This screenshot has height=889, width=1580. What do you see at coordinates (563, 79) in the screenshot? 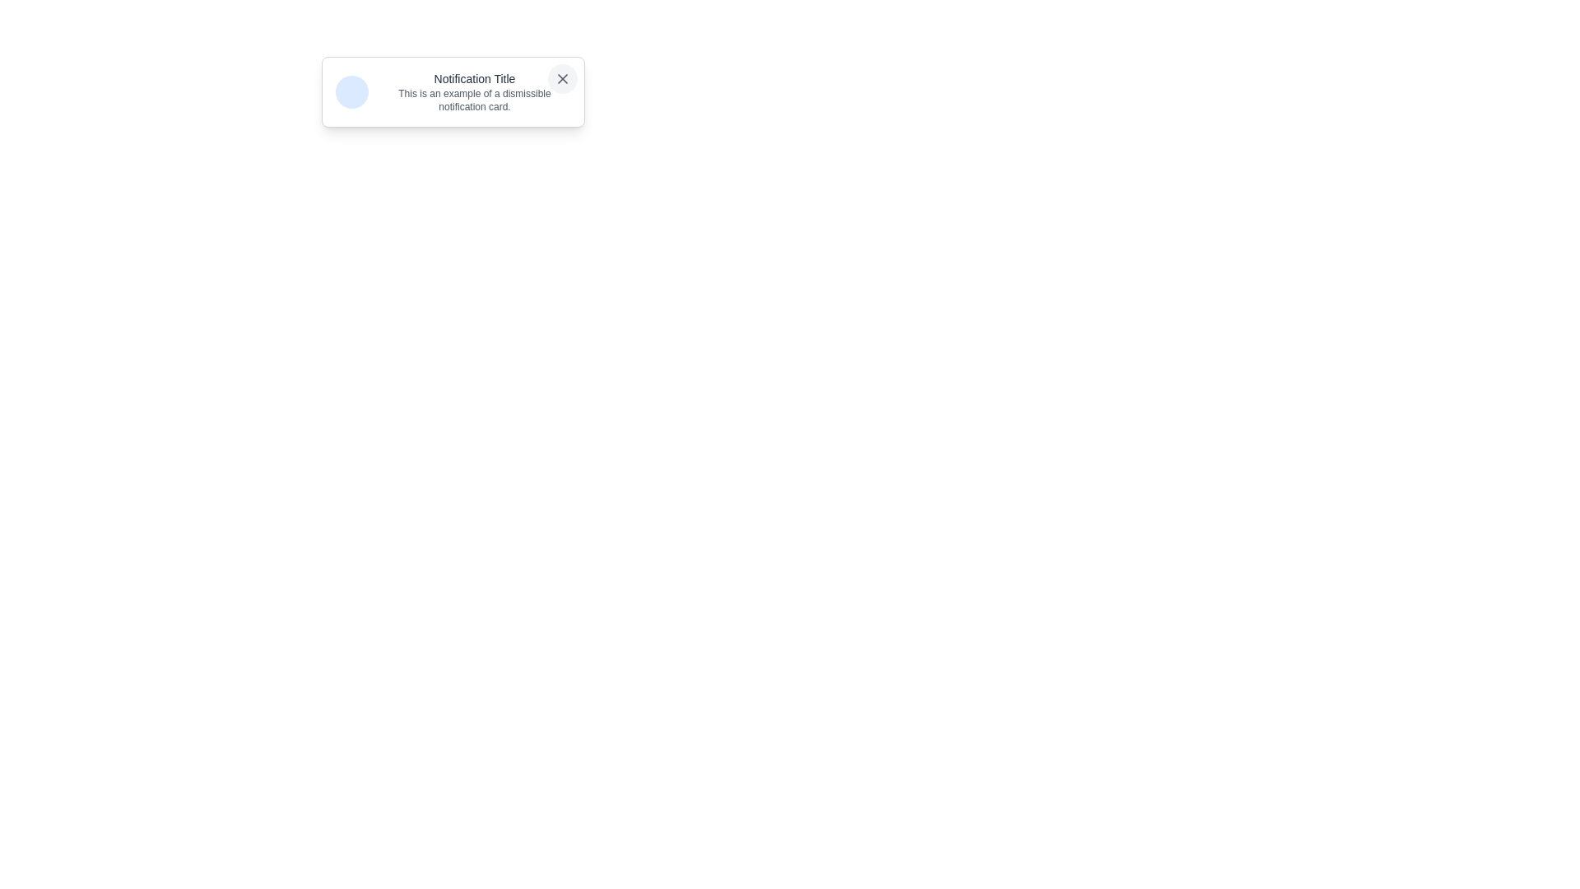
I see `the circular close button with a light gray background and an 'X' icon located at the top right corner of the notification card` at bounding box center [563, 79].